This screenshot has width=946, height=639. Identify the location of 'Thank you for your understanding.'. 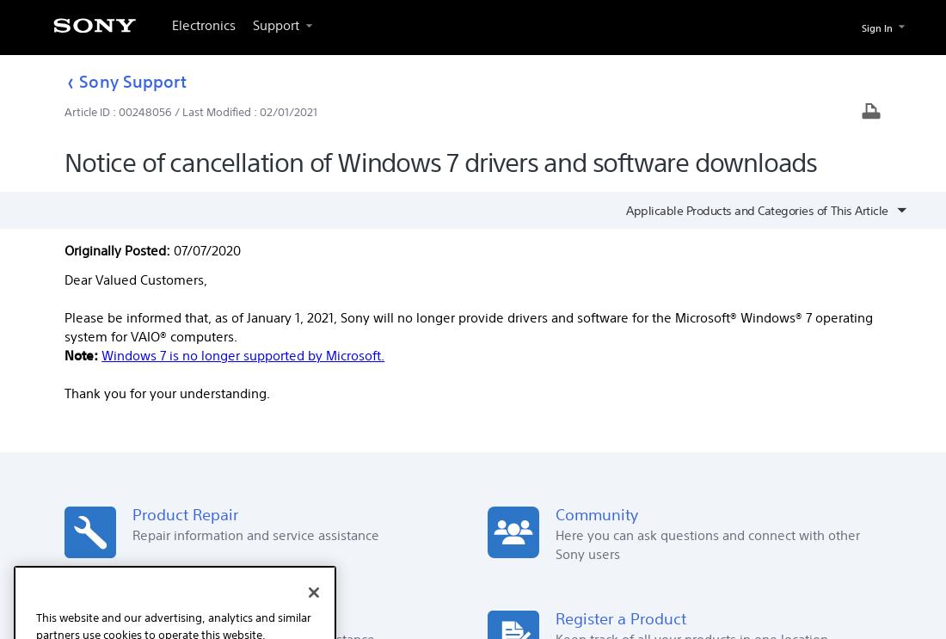
(166, 392).